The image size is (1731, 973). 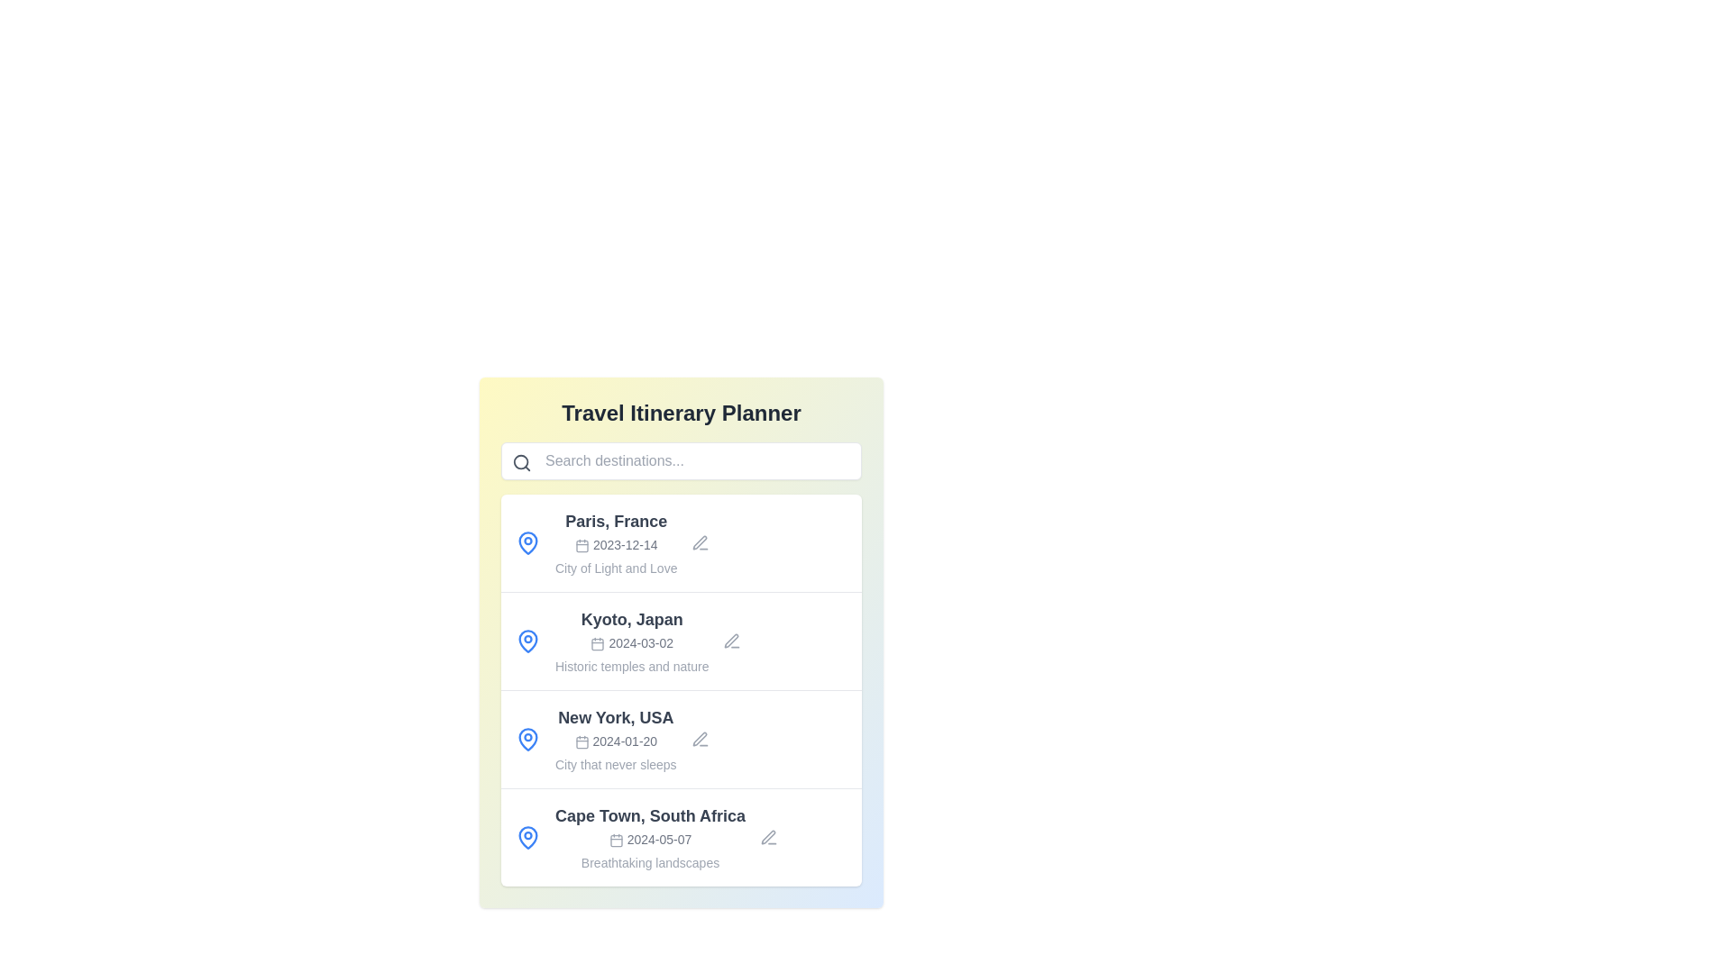 I want to click on the static date display label located within the 'New York, USA' trip entry, positioned between the calendar icon and the pen/edit icon, so click(x=625, y=741).